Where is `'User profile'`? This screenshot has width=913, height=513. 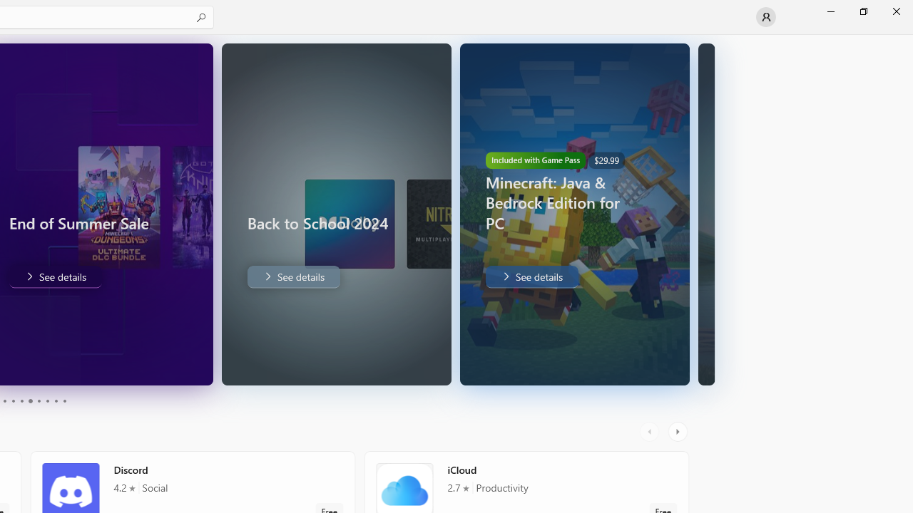
'User profile' is located at coordinates (765, 17).